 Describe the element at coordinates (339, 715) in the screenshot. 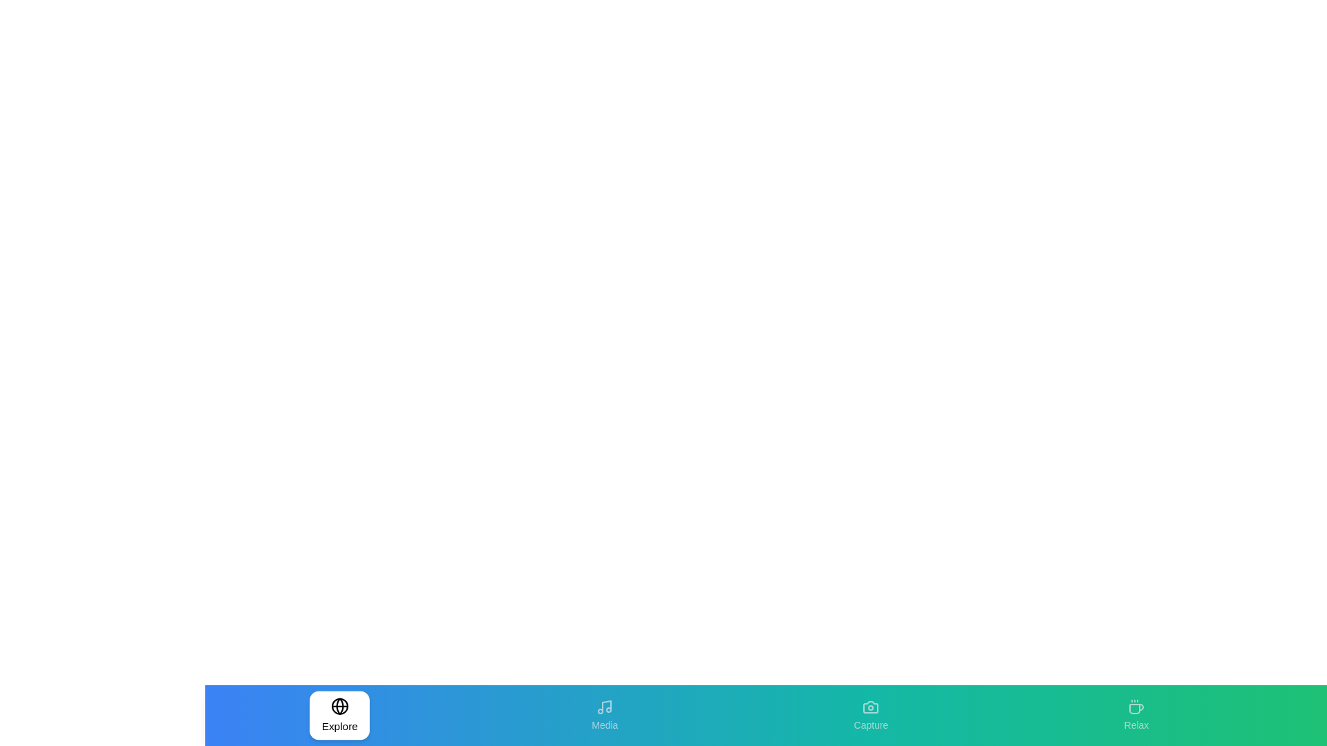

I see `the tab labeled Explore` at that location.